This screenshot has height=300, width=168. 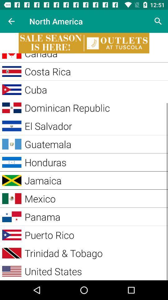 I want to click on the symbol beside united states, so click(x=12, y=271).